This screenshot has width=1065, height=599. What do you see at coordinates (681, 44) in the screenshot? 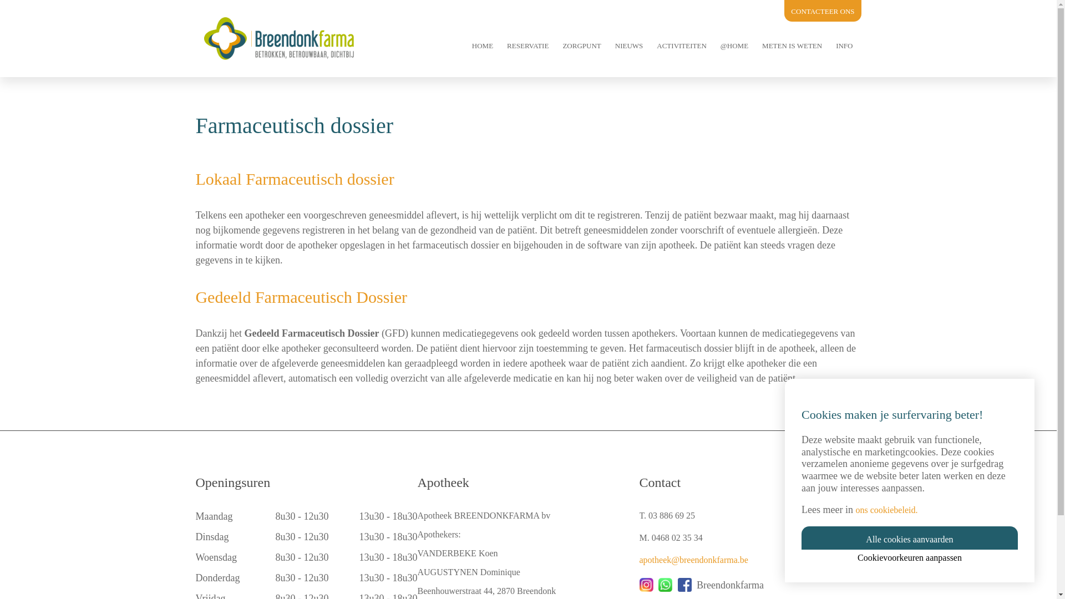
I see `'ACTIVITEITEN'` at bounding box center [681, 44].